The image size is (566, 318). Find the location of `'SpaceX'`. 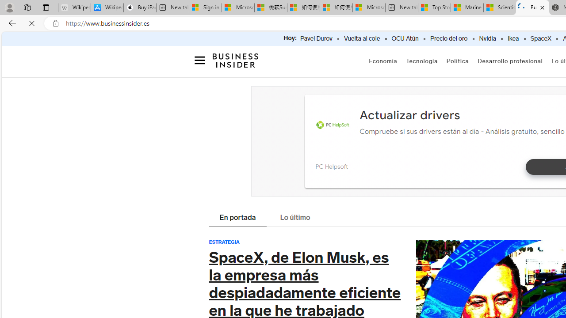

'SpaceX' is located at coordinates (540, 38).